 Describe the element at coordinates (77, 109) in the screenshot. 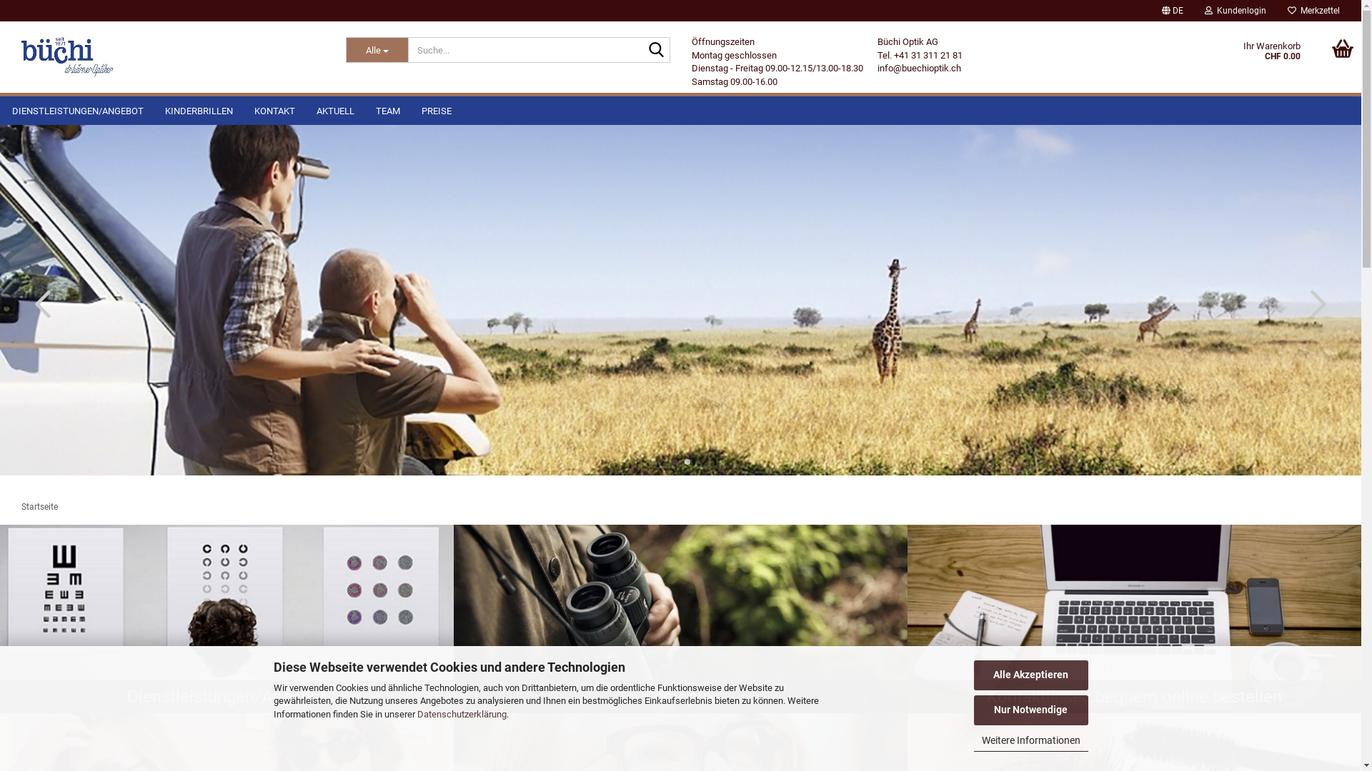

I see `'DIENSTLEISTUNGEN/ANGEBOT'` at that location.